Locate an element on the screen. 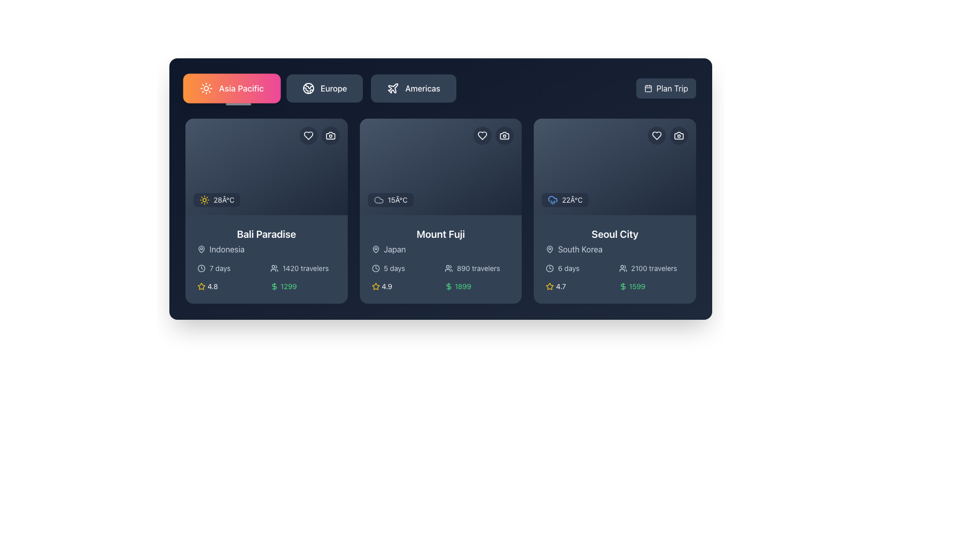 This screenshot has height=543, width=965. the Indicator bar element, which is a small horizontal bar with a subtle white color and semi-transparency, located directly below the 'Asia Pacific' button is located at coordinates (238, 104).